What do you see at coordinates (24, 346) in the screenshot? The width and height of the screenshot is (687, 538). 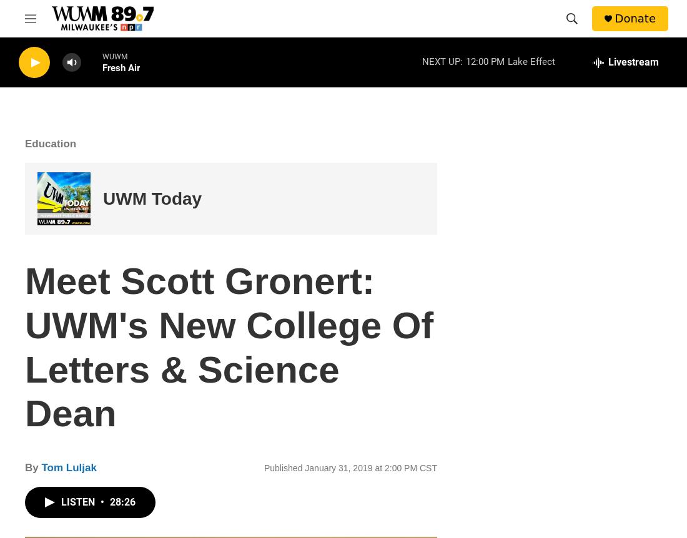 I see `'Meet Scott Gronert: UWM's New College Of Letters & Science Dean'` at bounding box center [24, 346].